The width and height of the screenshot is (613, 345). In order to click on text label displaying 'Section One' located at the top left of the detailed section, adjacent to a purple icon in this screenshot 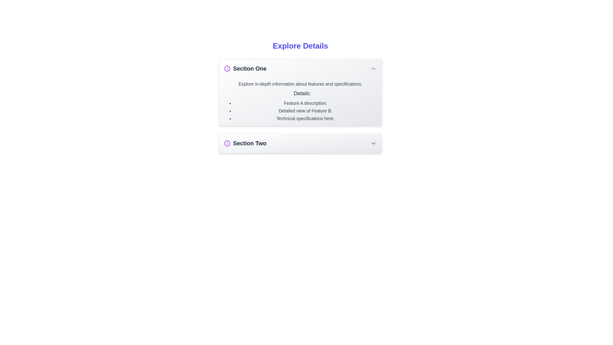, I will do `click(249, 69)`.